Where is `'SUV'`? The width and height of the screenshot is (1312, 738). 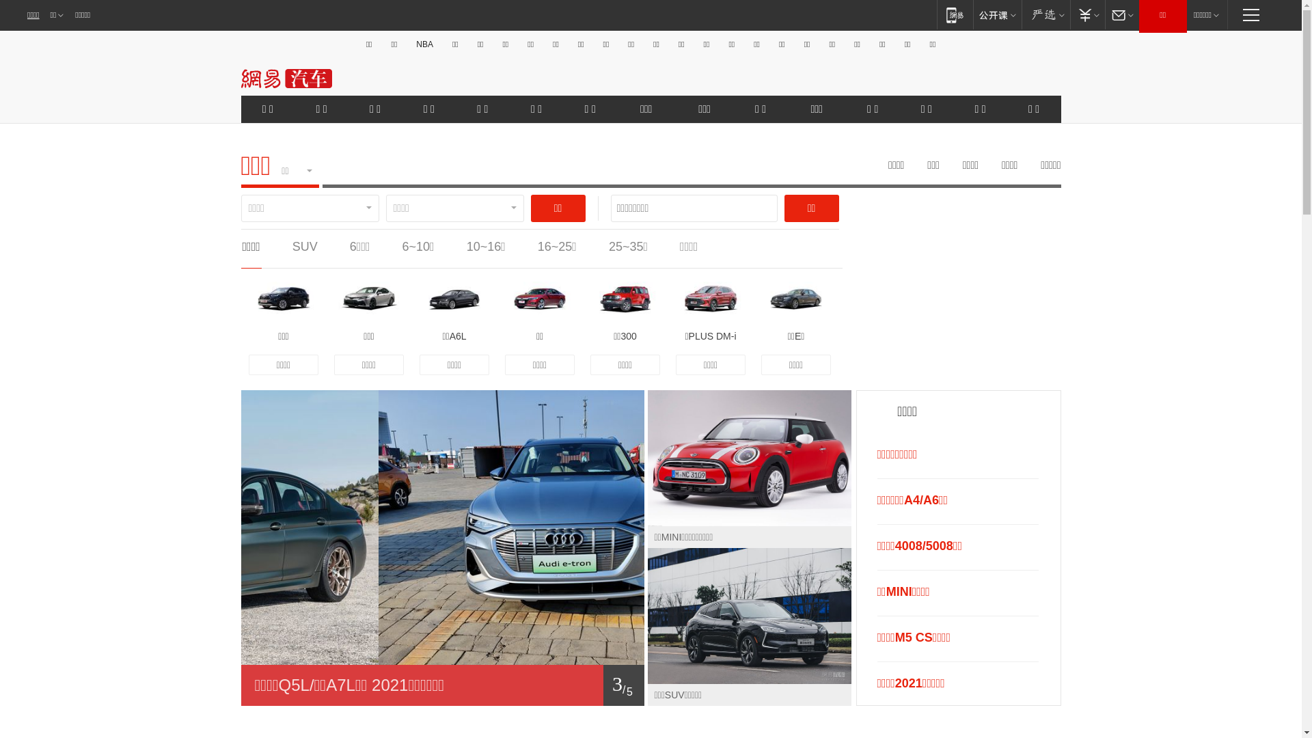 'SUV' is located at coordinates (304, 247).